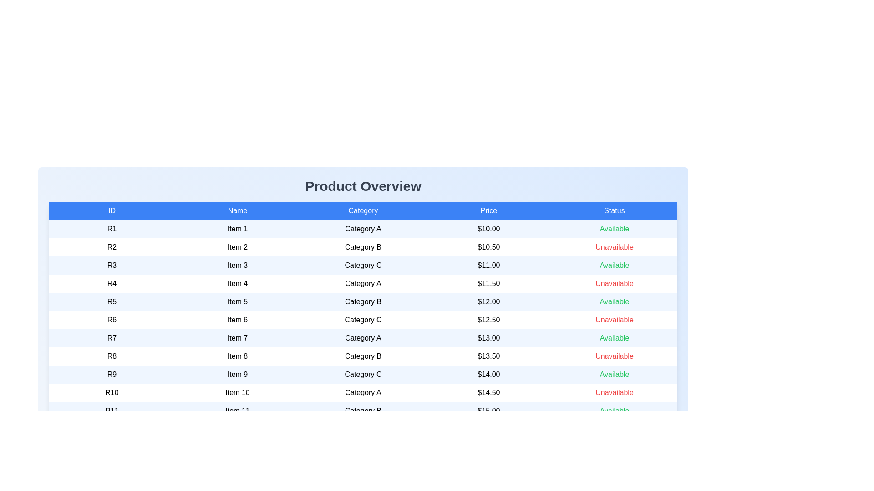 Image resolution: width=874 pixels, height=491 pixels. I want to click on the table header to observe hover effects, so click(362, 210).